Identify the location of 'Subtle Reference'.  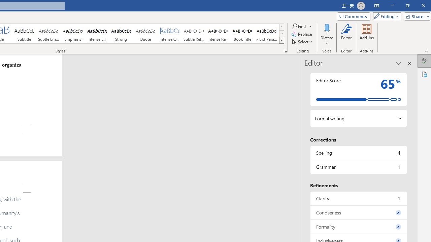
(194, 34).